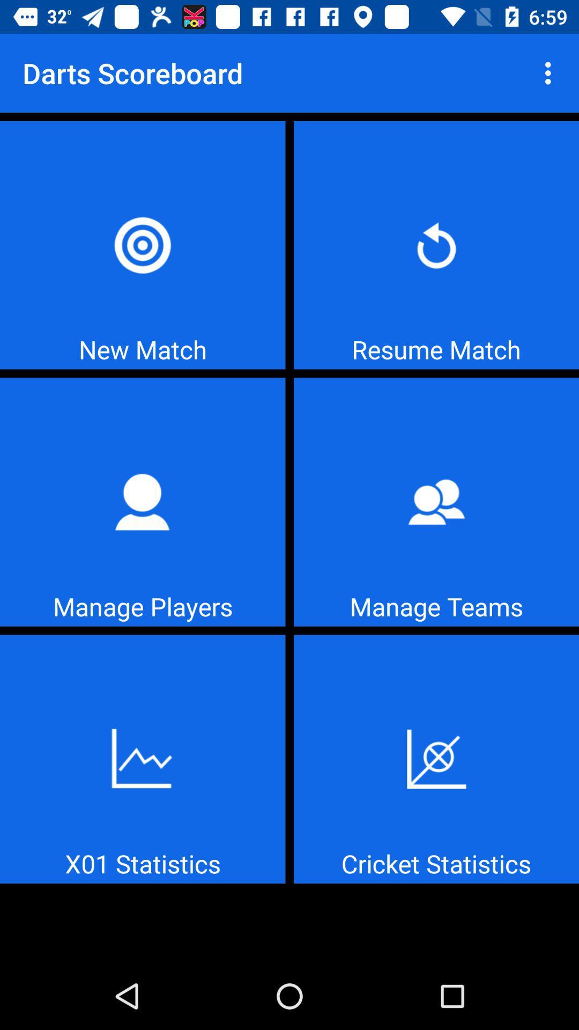 This screenshot has width=579, height=1030. What do you see at coordinates (436, 502) in the screenshot?
I see `manage your teams` at bounding box center [436, 502].